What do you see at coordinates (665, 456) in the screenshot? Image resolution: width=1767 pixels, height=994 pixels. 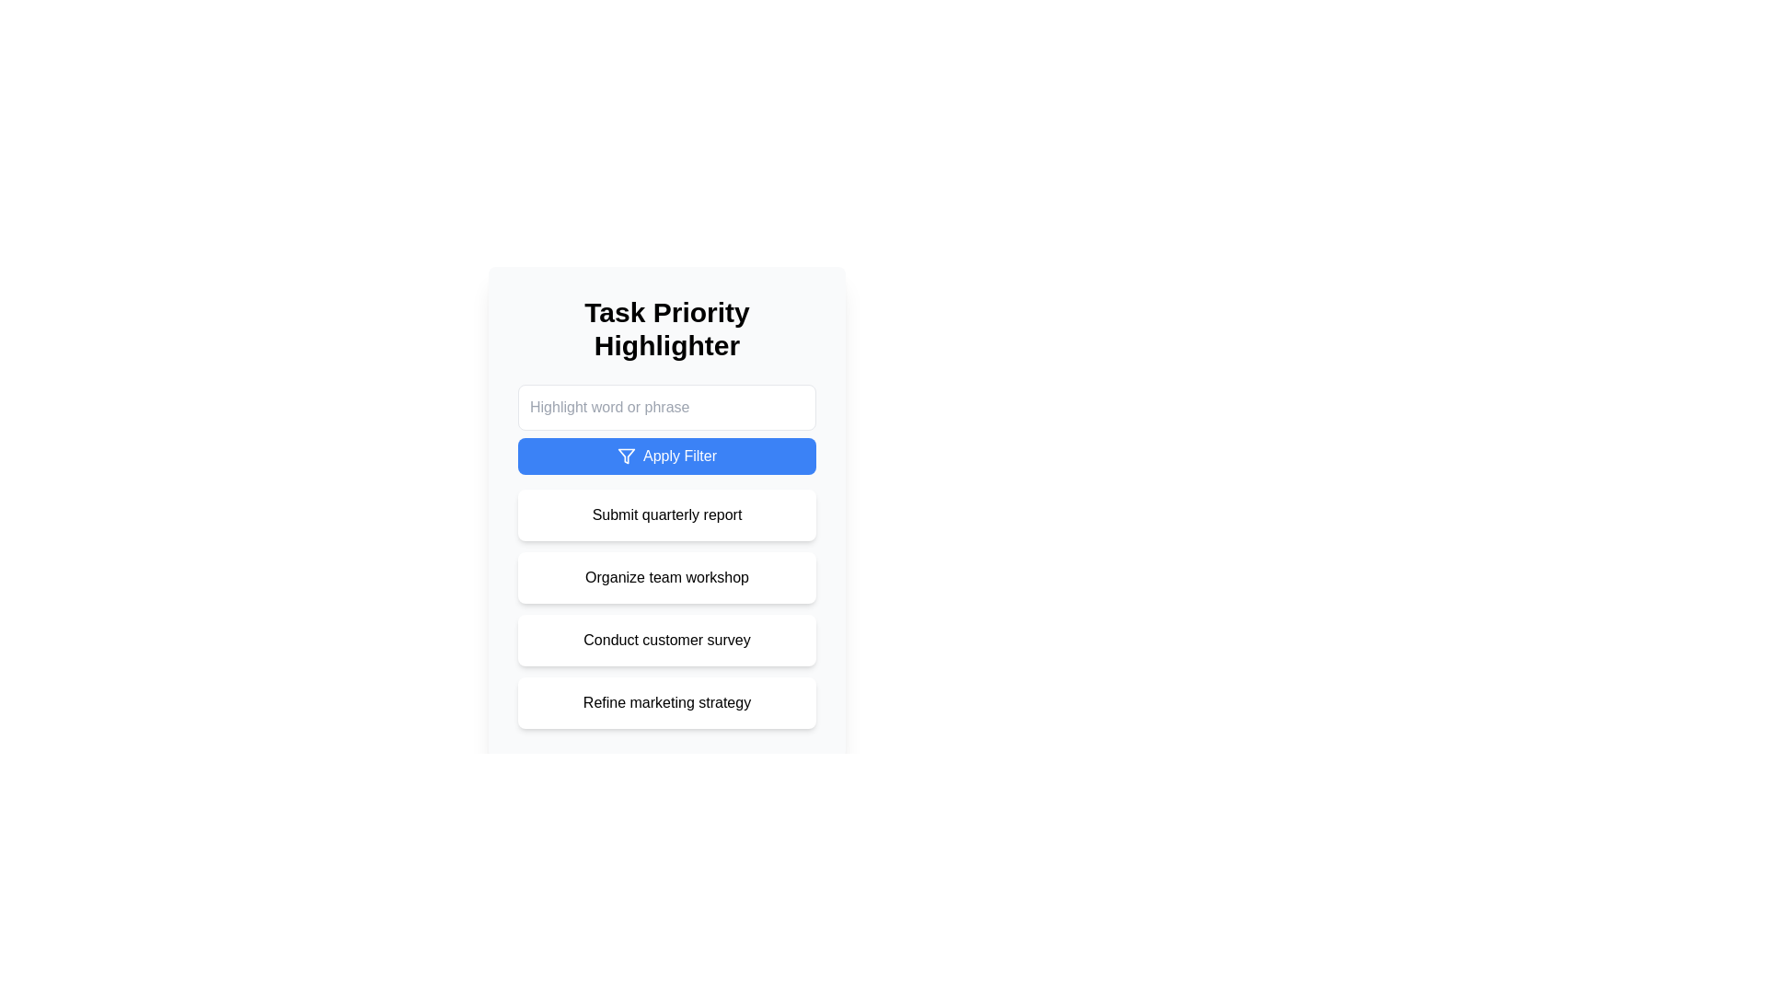 I see `the blue rectangular button labeled 'Apply Filter'` at bounding box center [665, 456].